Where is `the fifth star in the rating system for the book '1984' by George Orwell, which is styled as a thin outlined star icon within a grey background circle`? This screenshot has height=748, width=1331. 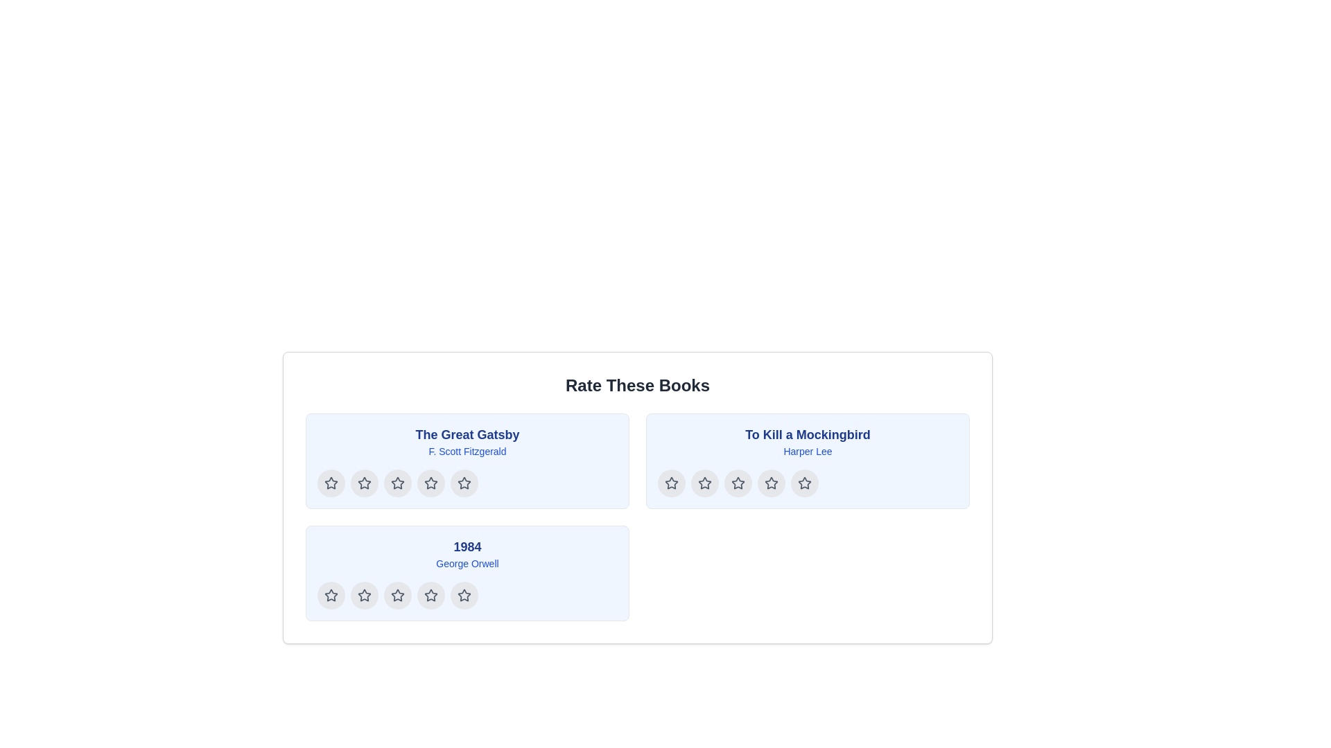 the fifth star in the rating system for the book '1984' by George Orwell, which is styled as a thin outlined star icon within a grey background circle is located at coordinates (464, 595).